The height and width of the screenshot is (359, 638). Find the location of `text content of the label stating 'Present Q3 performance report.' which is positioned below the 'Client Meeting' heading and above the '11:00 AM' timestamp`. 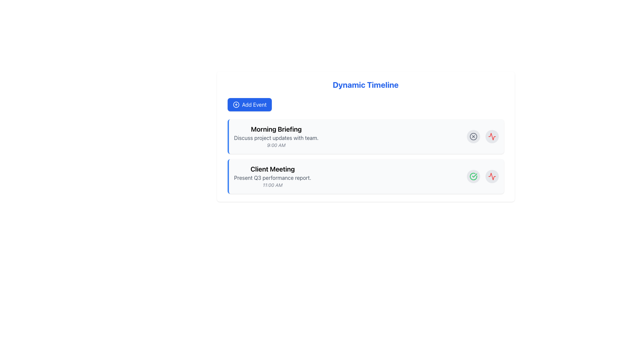

text content of the label stating 'Present Q3 performance report.' which is positioned below the 'Client Meeting' heading and above the '11:00 AM' timestamp is located at coordinates (272, 178).